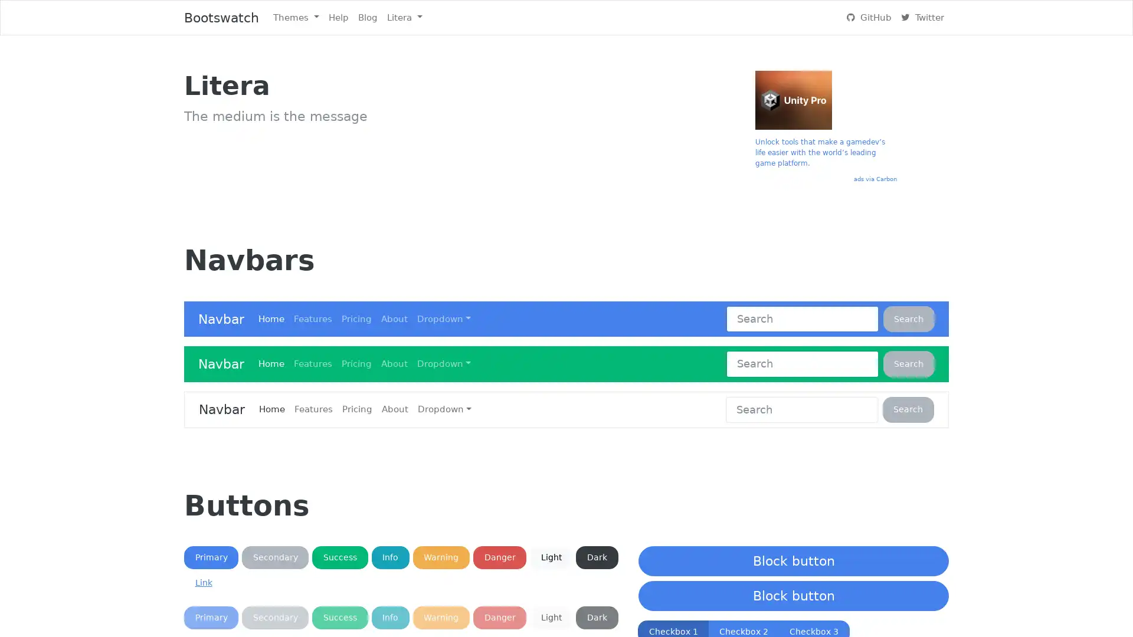  Describe the element at coordinates (551, 557) in the screenshot. I see `Light` at that location.